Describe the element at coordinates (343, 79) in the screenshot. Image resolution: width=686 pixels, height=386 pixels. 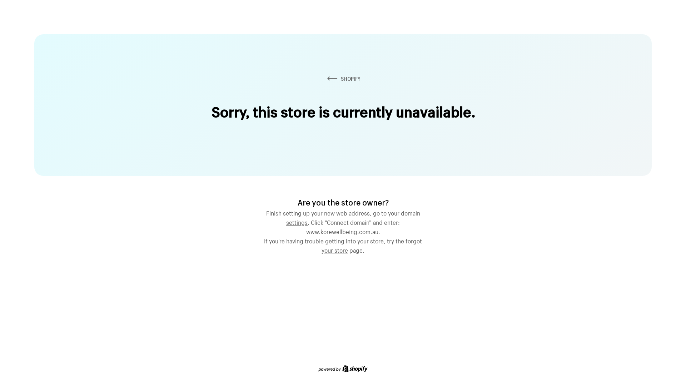
I see `'SHOPIFY'` at that location.